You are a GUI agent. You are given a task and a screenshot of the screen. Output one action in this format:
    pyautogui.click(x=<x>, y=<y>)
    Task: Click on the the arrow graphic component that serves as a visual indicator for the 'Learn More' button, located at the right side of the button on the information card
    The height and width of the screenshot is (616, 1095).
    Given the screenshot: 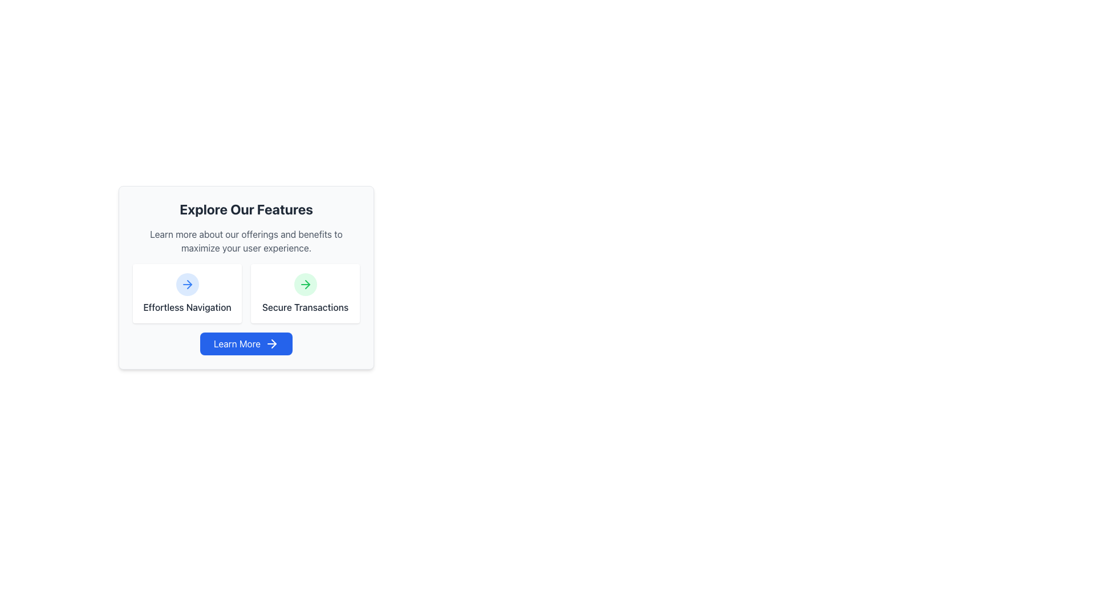 What is the action you would take?
    pyautogui.click(x=189, y=283)
    